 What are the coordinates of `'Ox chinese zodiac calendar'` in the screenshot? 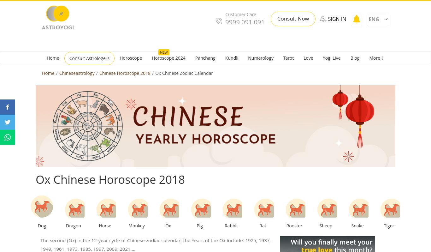 It's located at (184, 73).